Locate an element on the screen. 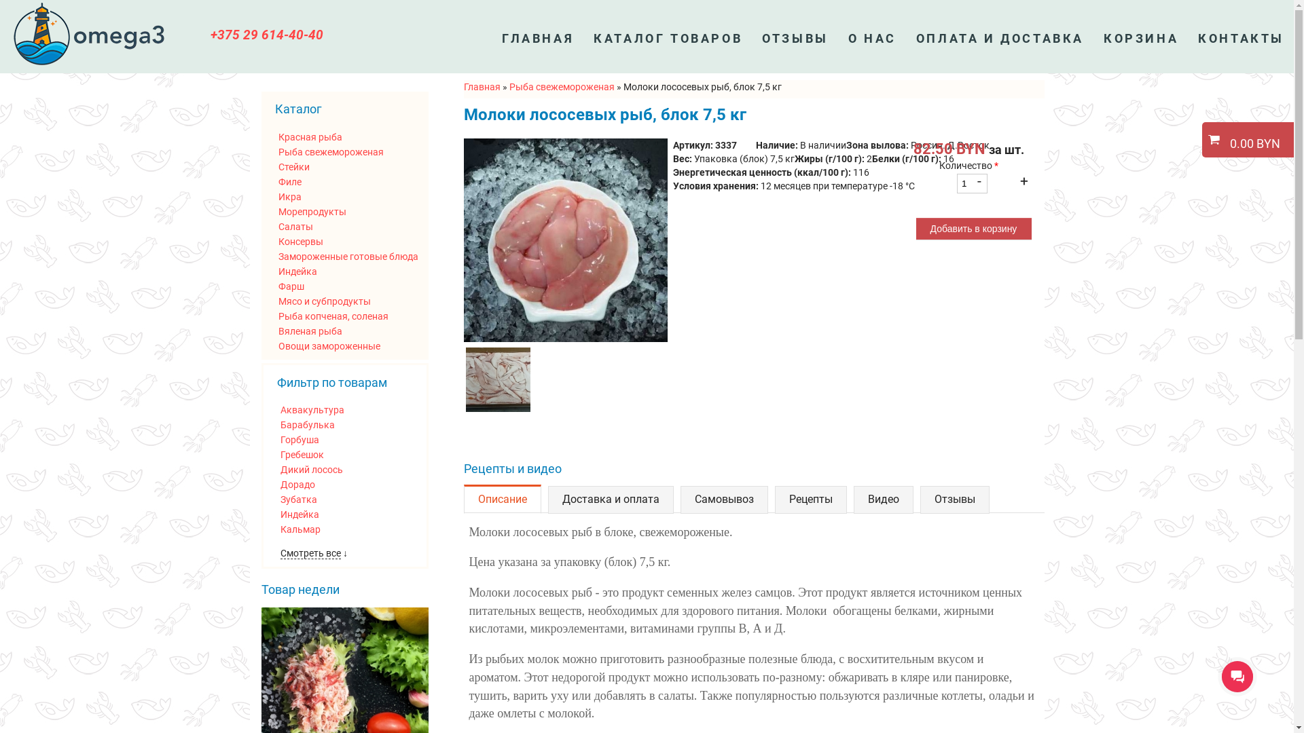 Image resolution: width=1304 pixels, height=733 pixels. '+375 29 614-40-40' is located at coordinates (267, 34).